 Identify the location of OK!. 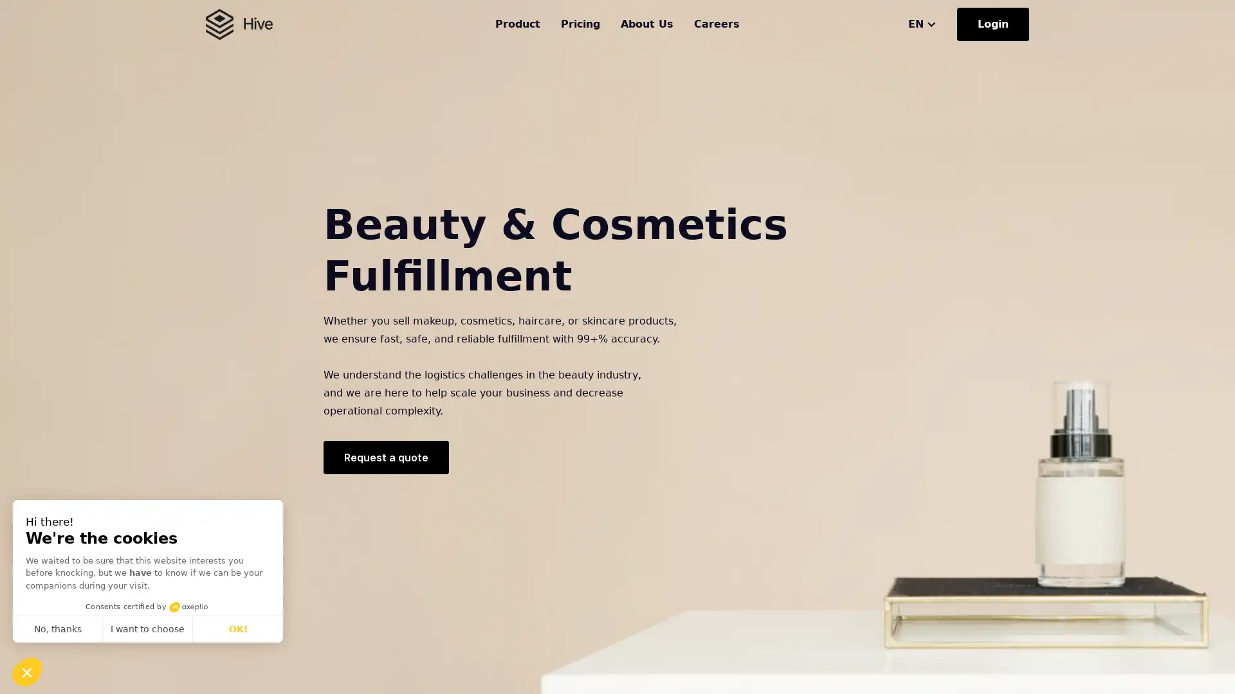
(237, 628).